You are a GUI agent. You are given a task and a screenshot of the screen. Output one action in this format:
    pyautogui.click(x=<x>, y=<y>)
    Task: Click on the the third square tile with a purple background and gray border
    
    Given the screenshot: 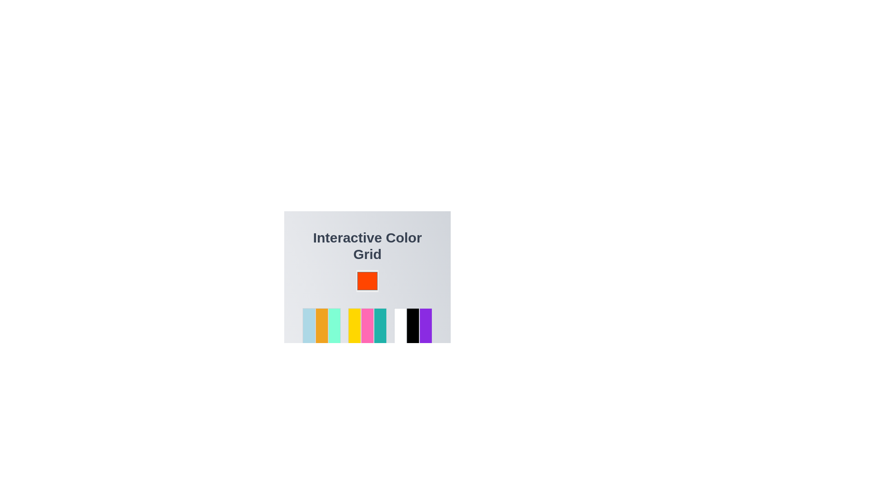 What is the action you would take?
    pyautogui.click(x=425, y=326)
    